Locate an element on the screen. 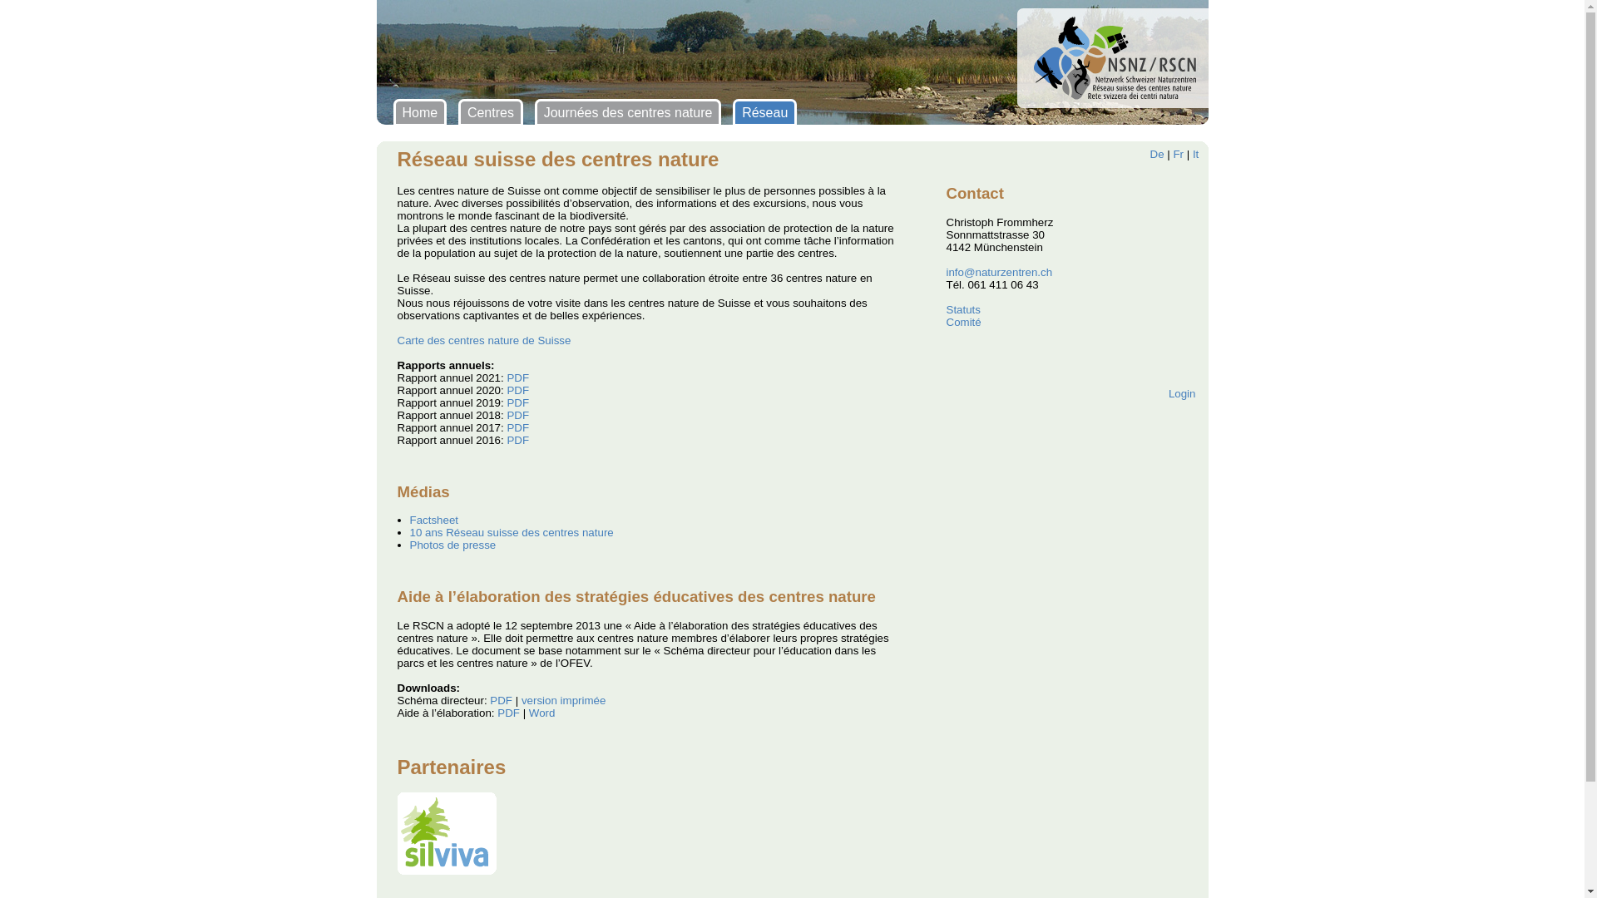 Image resolution: width=1597 pixels, height=898 pixels. 'De' is located at coordinates (1155, 154).